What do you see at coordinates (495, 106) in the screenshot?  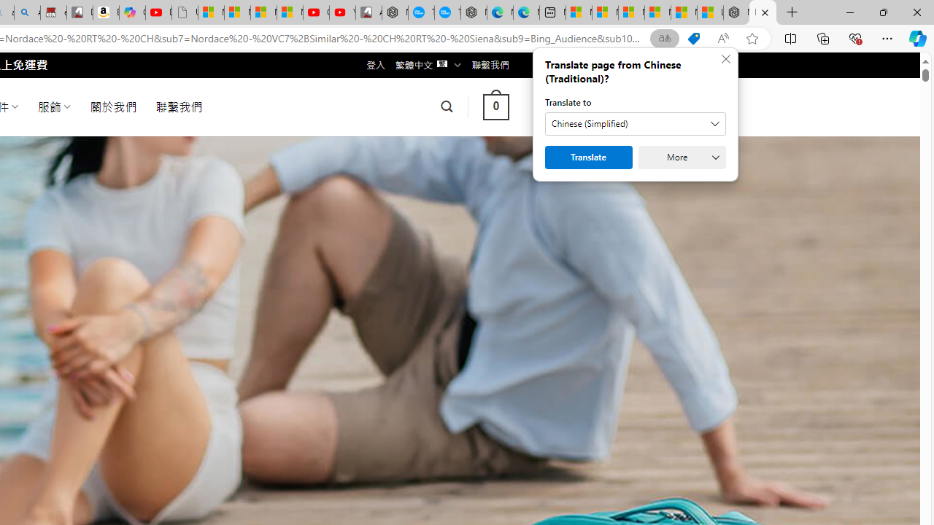 I see `' 0 '` at bounding box center [495, 106].